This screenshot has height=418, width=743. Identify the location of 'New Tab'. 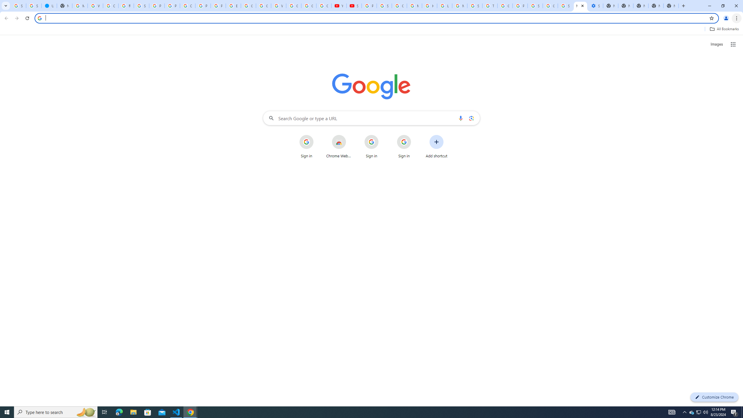
(655, 6).